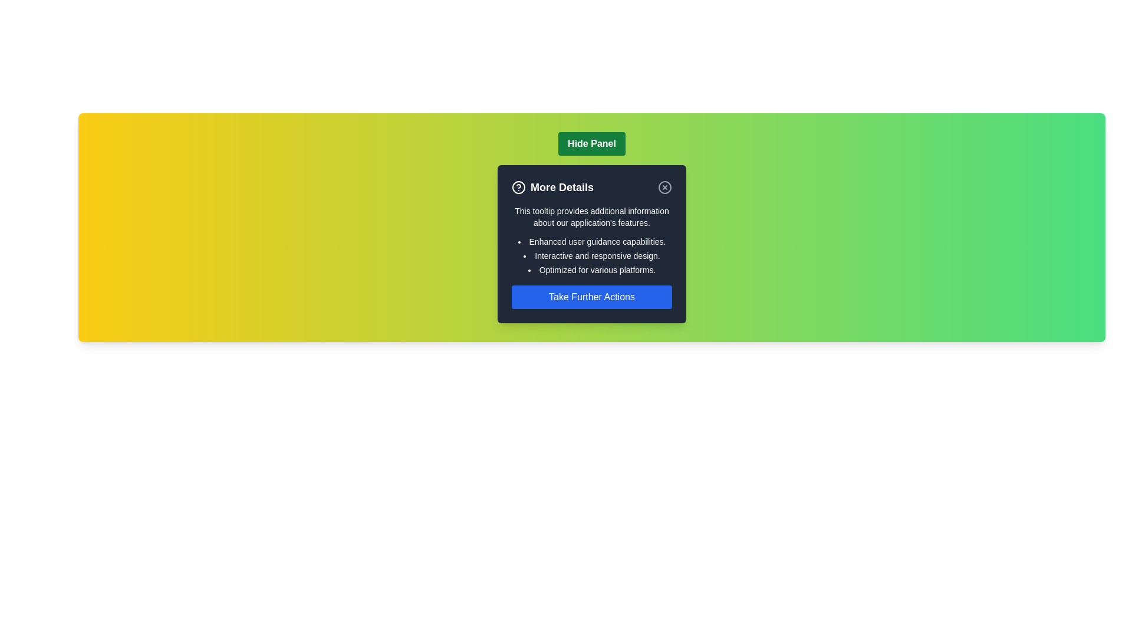 This screenshot has height=637, width=1132. What do you see at coordinates (518, 186) in the screenshot?
I see `the Decorative SVG circle located at the top-right of the tooltip modal, which has a consistent stroke and no fill` at bounding box center [518, 186].